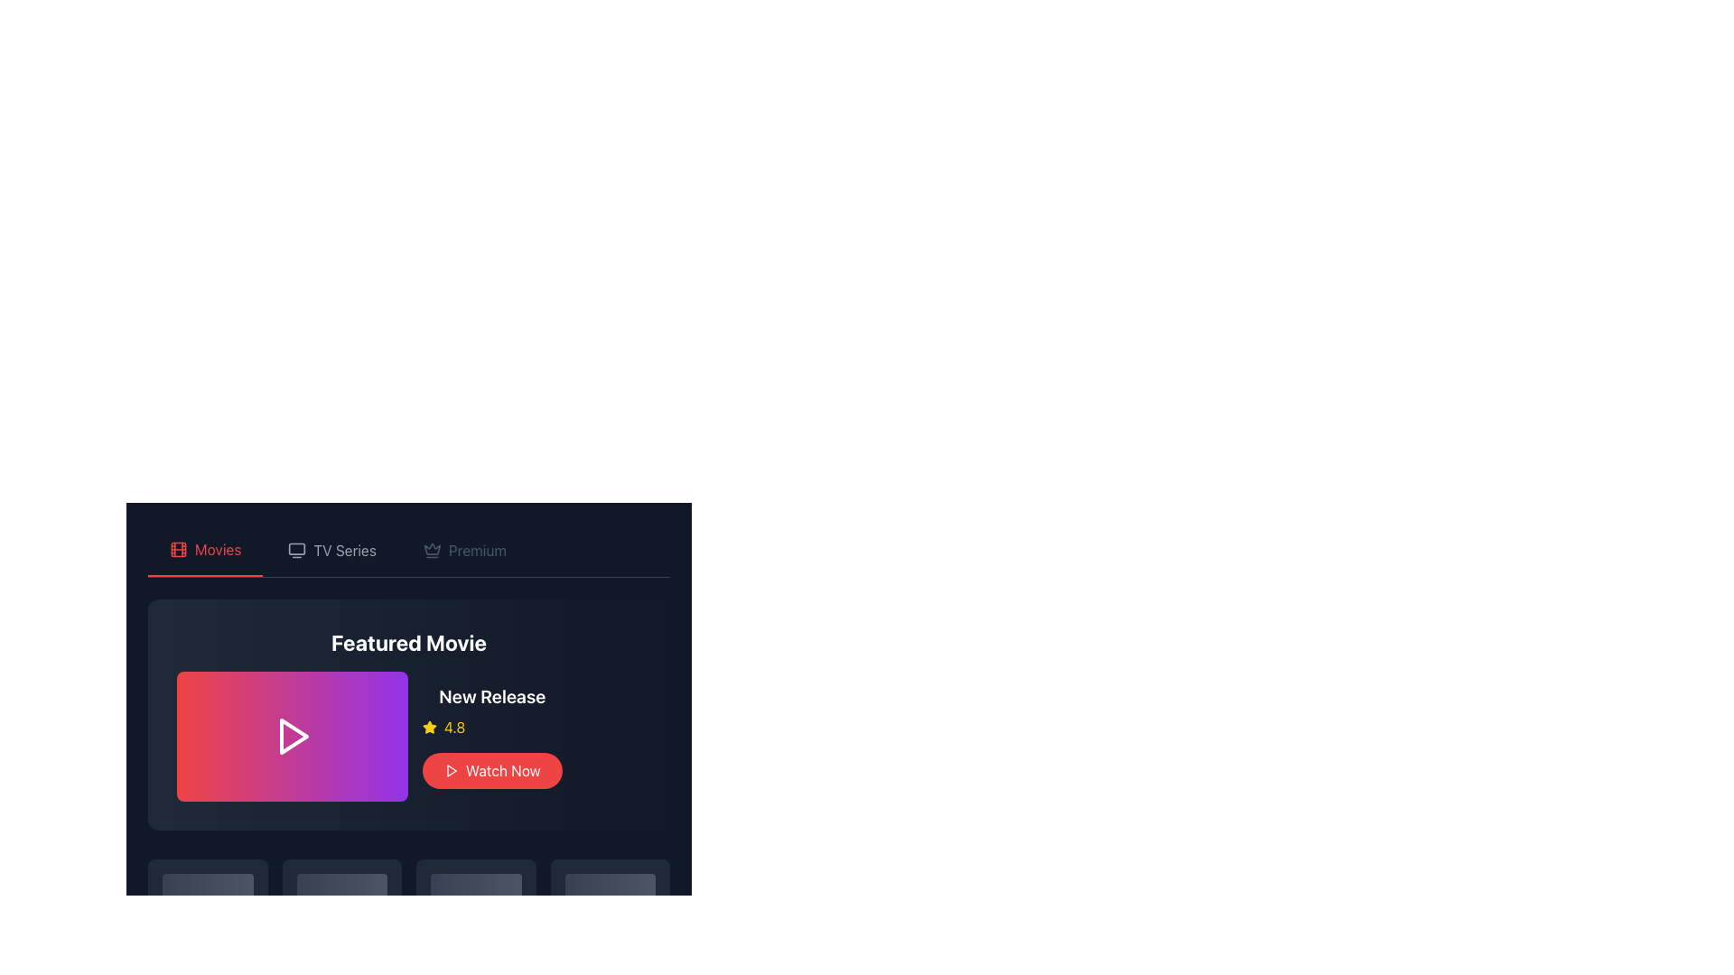 The height and width of the screenshot is (975, 1734). What do you see at coordinates (451, 770) in the screenshot?
I see `the play icon within the 'Watch Now' button` at bounding box center [451, 770].